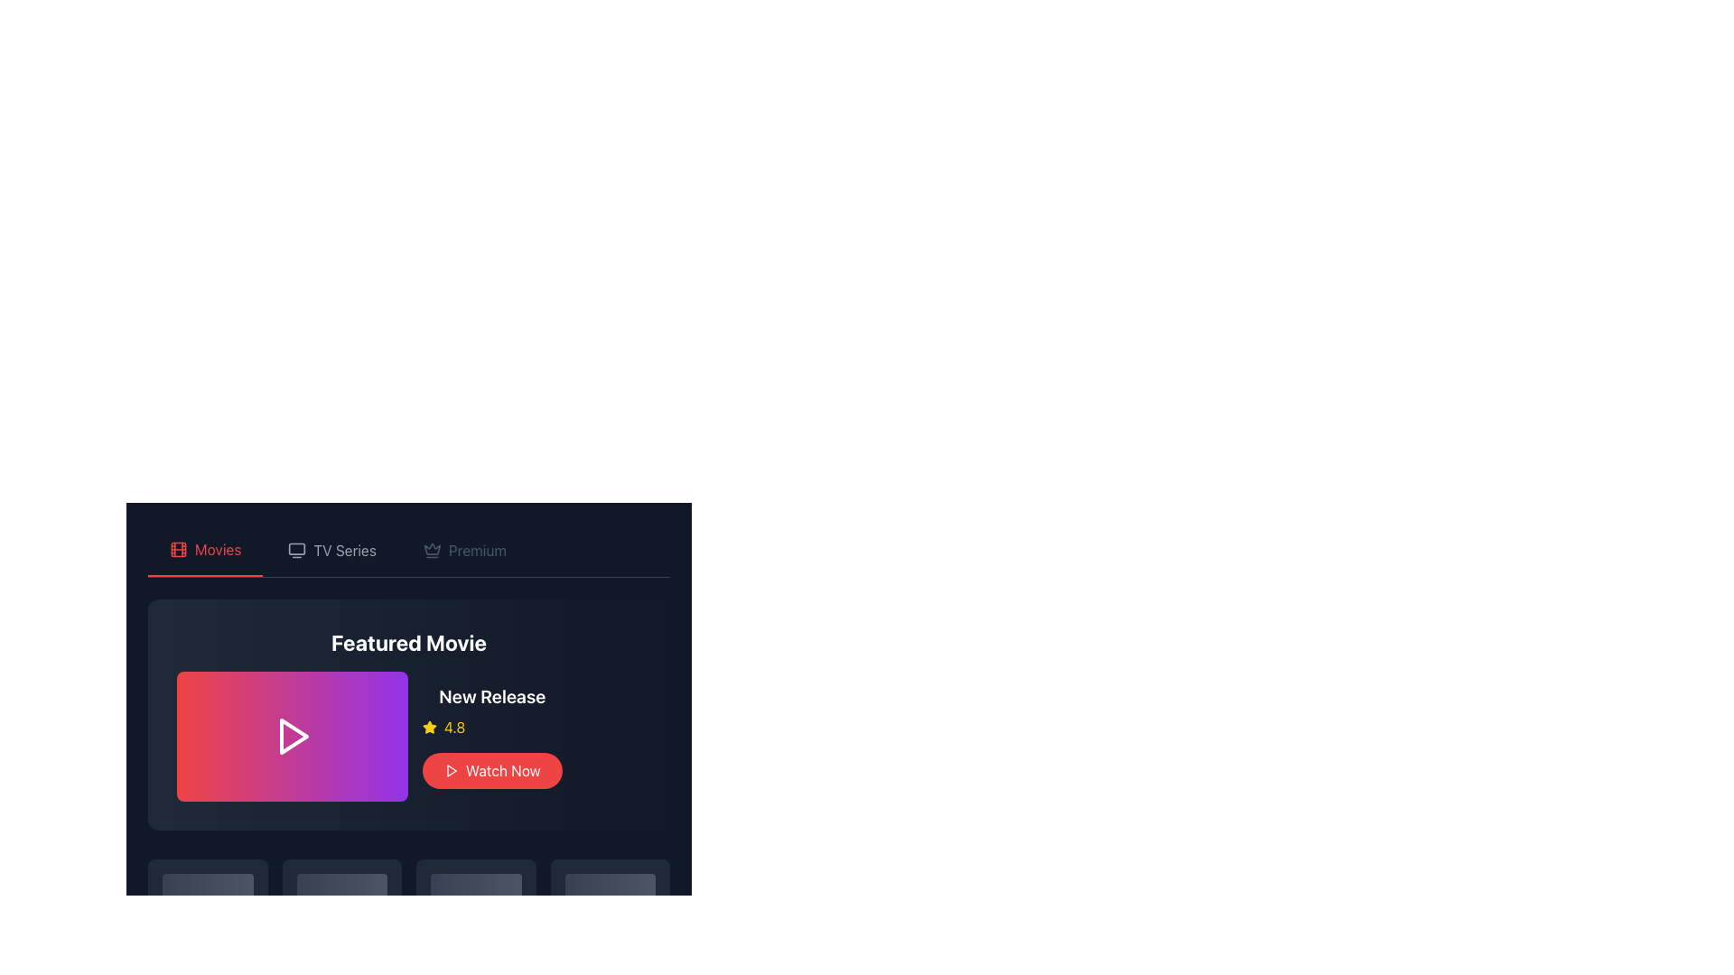 The height and width of the screenshot is (975, 1734). What do you see at coordinates (451, 770) in the screenshot?
I see `the play icon within the 'Watch Now' button` at bounding box center [451, 770].